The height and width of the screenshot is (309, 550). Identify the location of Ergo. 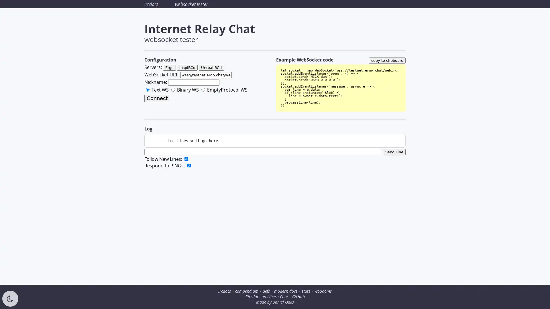
(169, 67).